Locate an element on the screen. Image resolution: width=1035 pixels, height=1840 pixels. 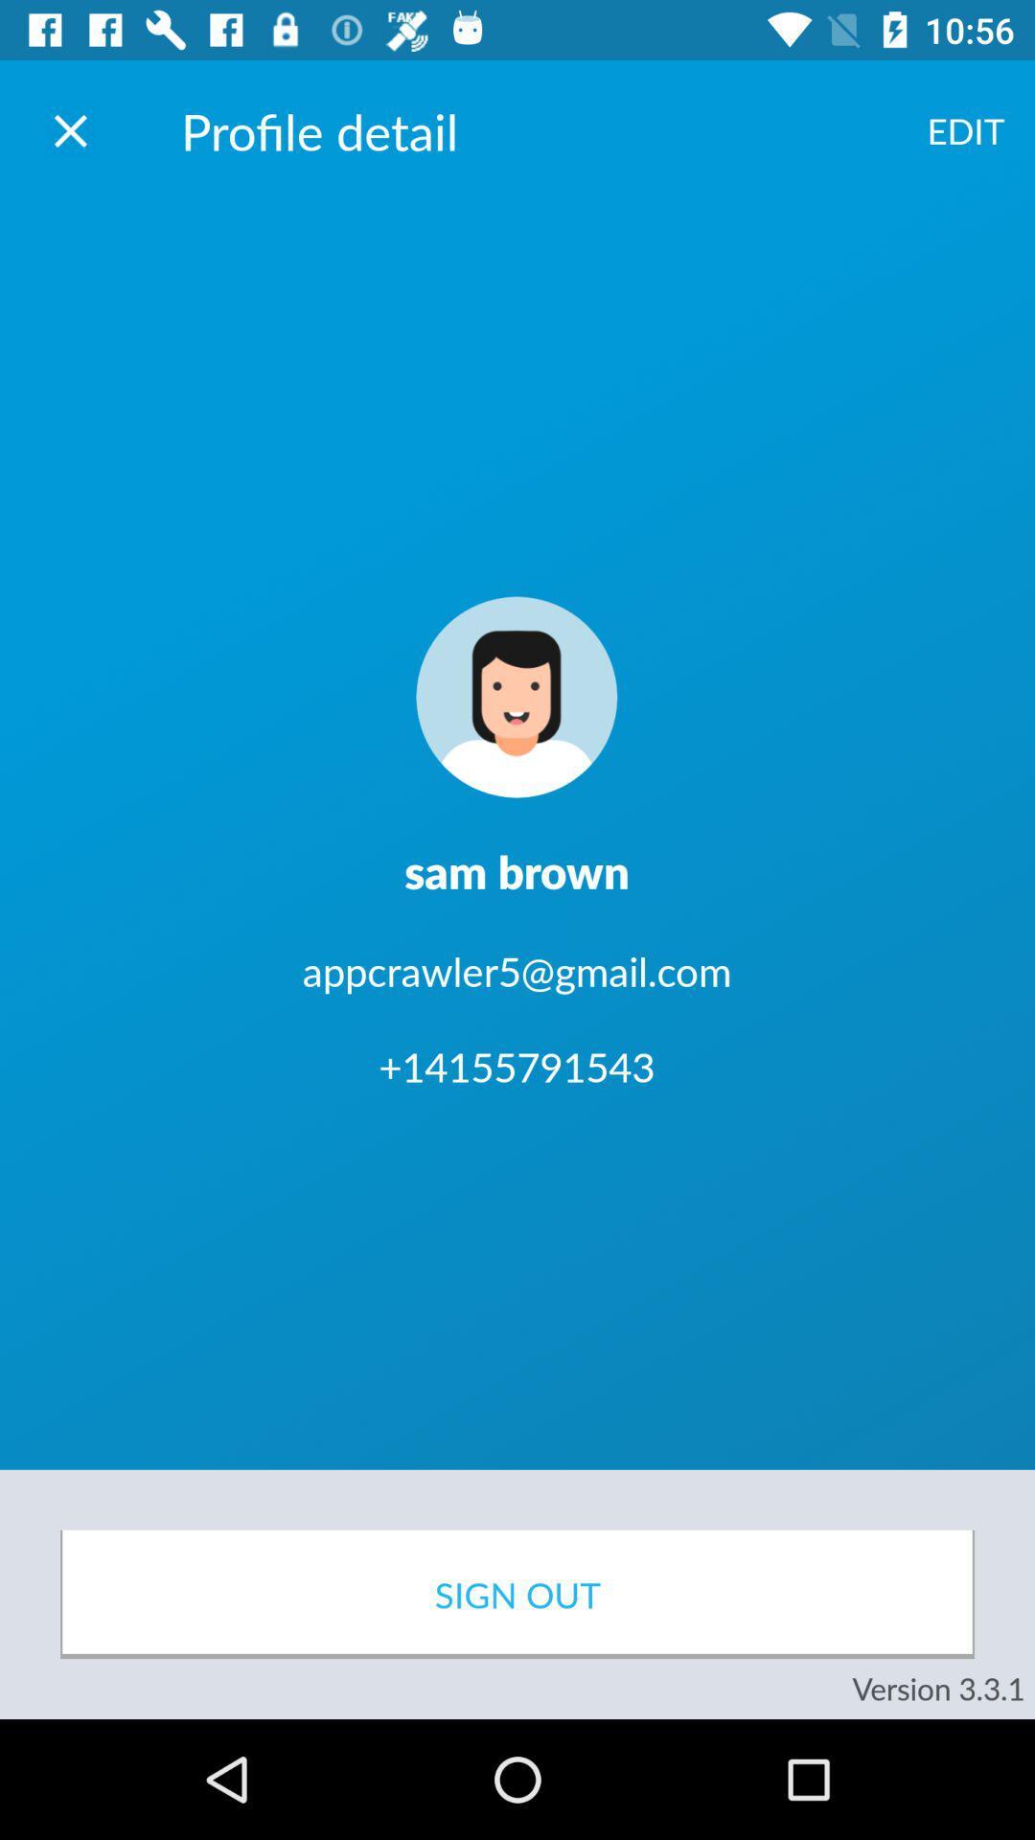
icon above the sign out icon is located at coordinates (965, 129).